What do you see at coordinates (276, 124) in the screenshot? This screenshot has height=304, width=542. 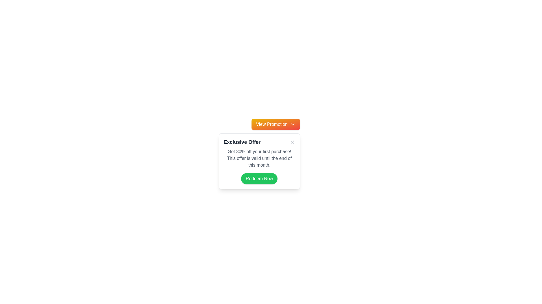 I see `the 'View Promotion' button` at bounding box center [276, 124].